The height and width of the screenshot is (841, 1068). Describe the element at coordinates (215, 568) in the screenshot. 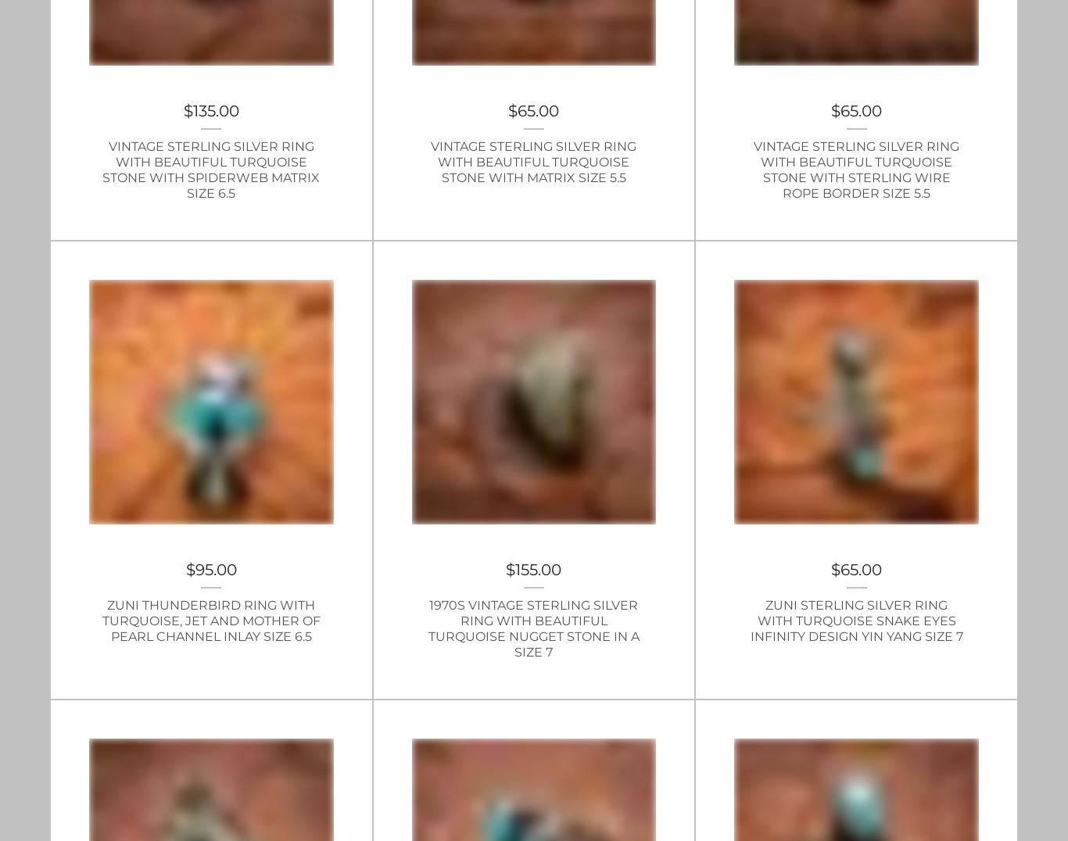

I see `'95.00'` at that location.